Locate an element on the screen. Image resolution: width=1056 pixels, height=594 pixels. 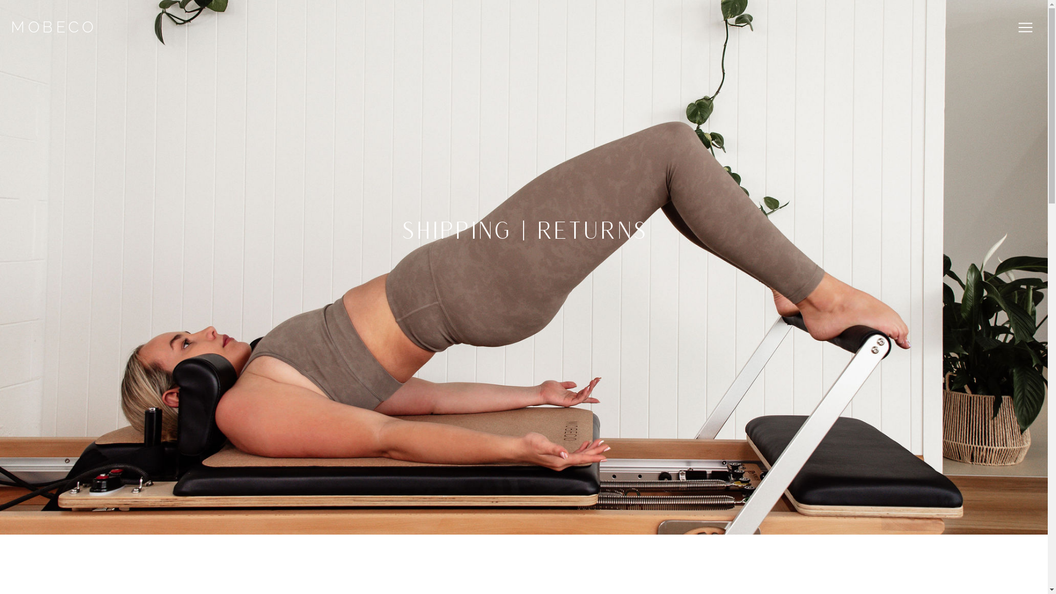
'MOBECO' is located at coordinates (52, 26).